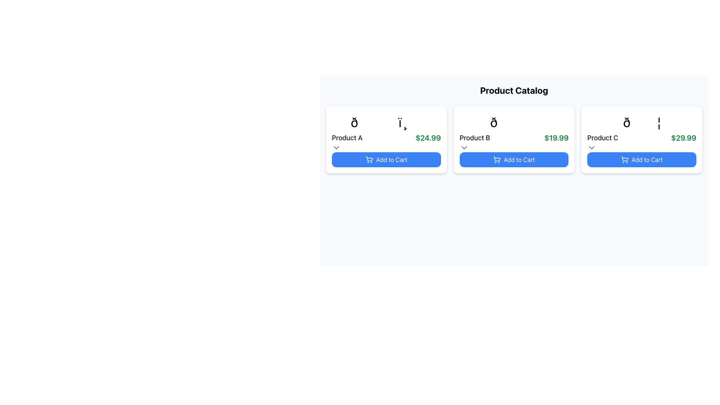 This screenshot has width=720, height=405. What do you see at coordinates (625, 158) in the screenshot?
I see `the shopping cart icon within the 'Add to Cart' button located in the rightmost product card under 'Product C'` at bounding box center [625, 158].